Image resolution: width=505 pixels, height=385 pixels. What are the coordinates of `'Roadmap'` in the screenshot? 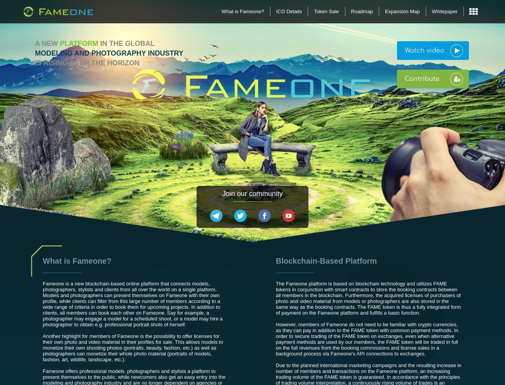 It's located at (362, 11).